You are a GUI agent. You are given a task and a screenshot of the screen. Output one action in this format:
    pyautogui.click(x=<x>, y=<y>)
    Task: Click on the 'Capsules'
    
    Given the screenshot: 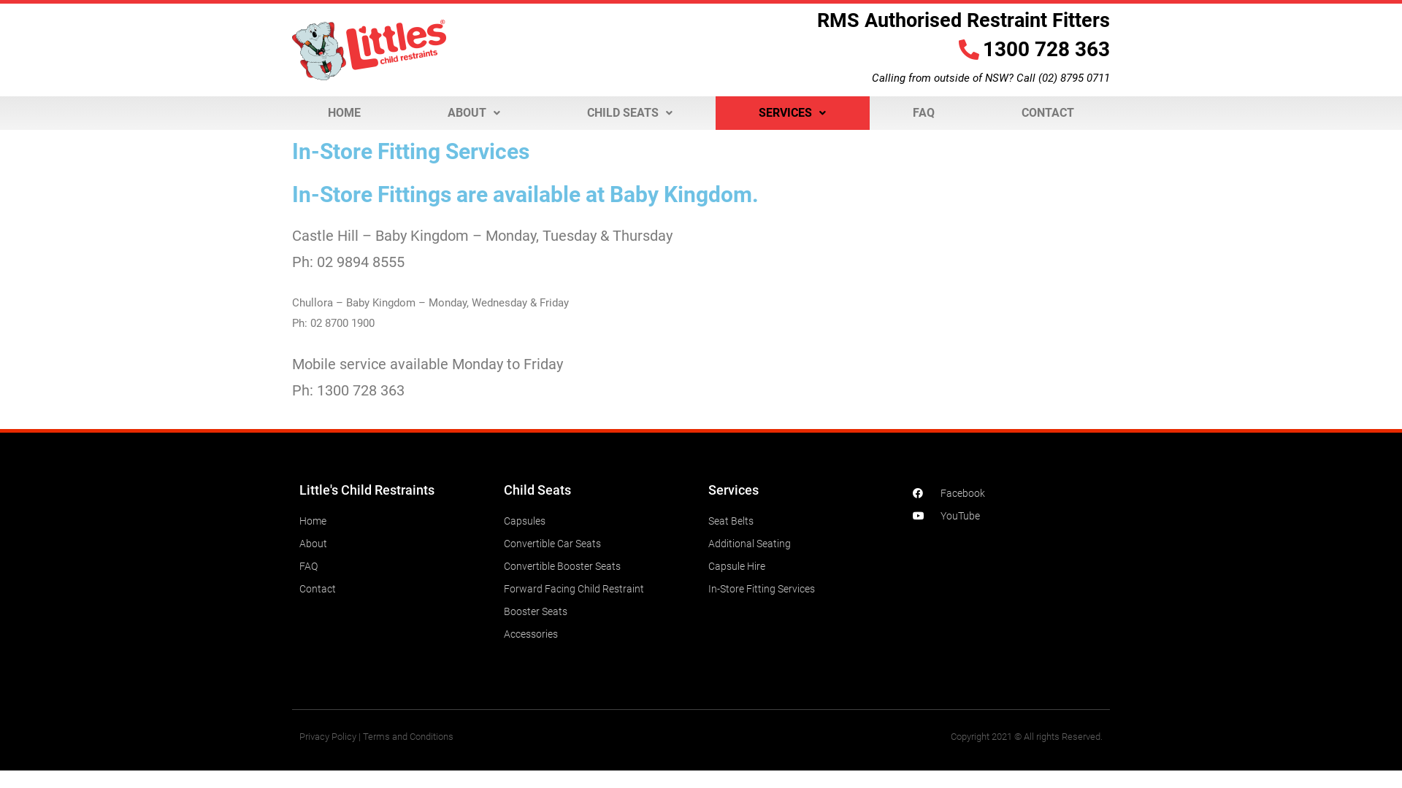 What is the action you would take?
    pyautogui.click(x=599, y=519)
    